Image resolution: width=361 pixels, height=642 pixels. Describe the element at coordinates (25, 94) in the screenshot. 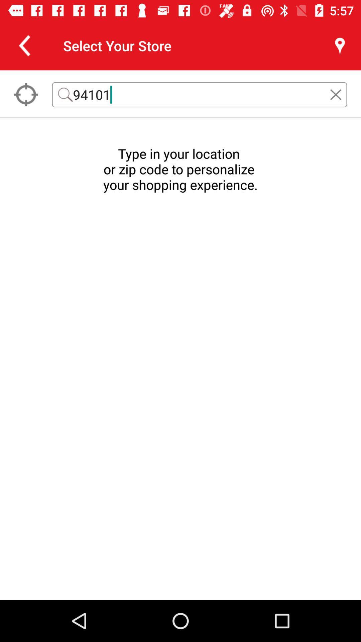

I see `the location_crosshair icon` at that location.